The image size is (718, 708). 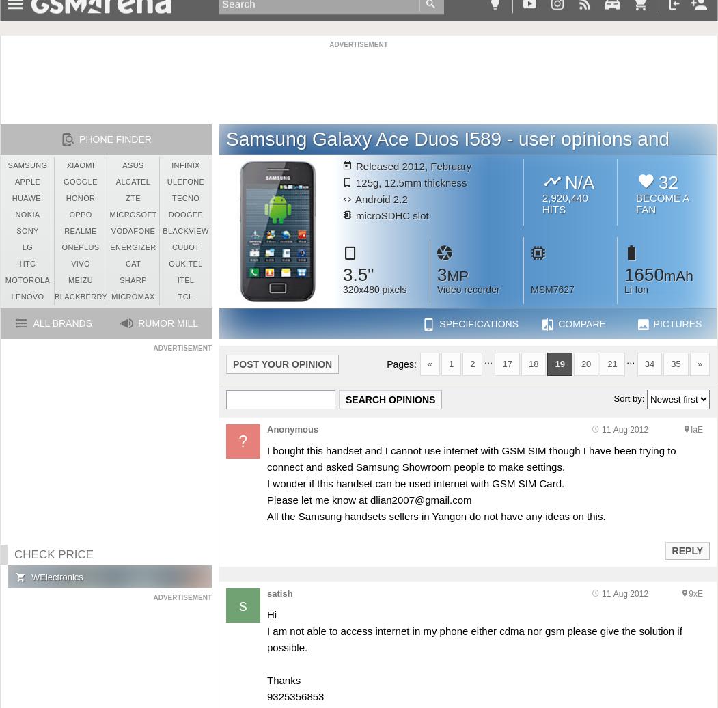 What do you see at coordinates (565, 203) in the screenshot?
I see `'2,920,440 hits'` at bounding box center [565, 203].